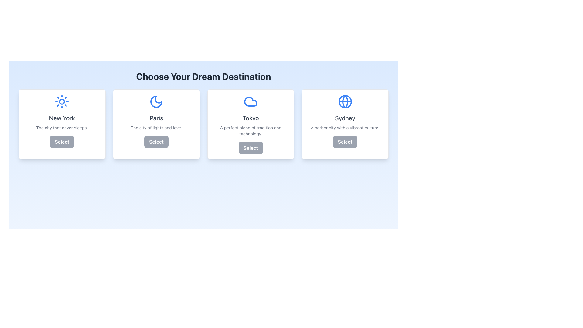  What do you see at coordinates (156, 101) in the screenshot?
I see `the crescent moon icon representing 'Paris' in the destination selection row, located on the second card from the left` at bounding box center [156, 101].